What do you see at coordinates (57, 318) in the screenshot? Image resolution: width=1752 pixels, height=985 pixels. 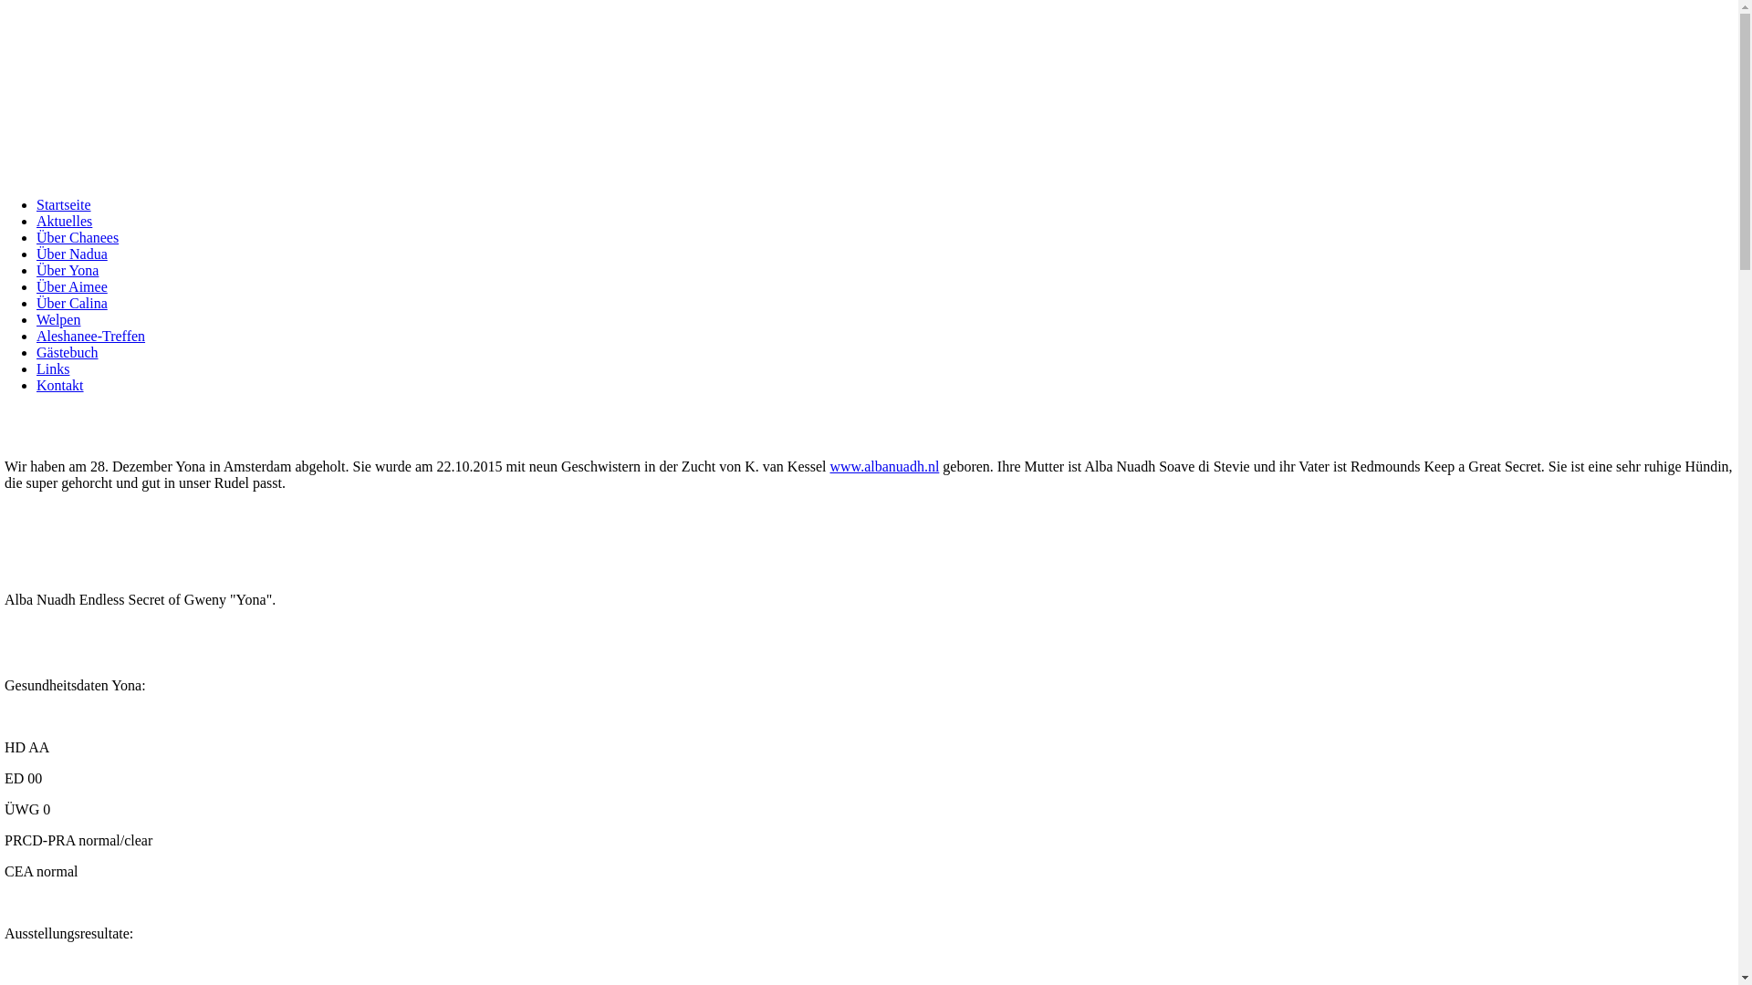 I see `'Welpen'` at bounding box center [57, 318].